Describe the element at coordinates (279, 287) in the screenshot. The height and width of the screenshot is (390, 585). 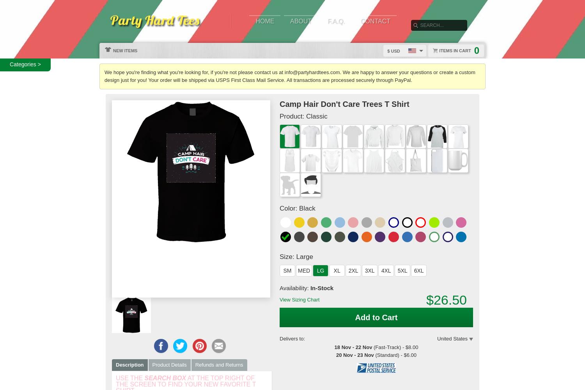
I see `'Availability:'` at that location.